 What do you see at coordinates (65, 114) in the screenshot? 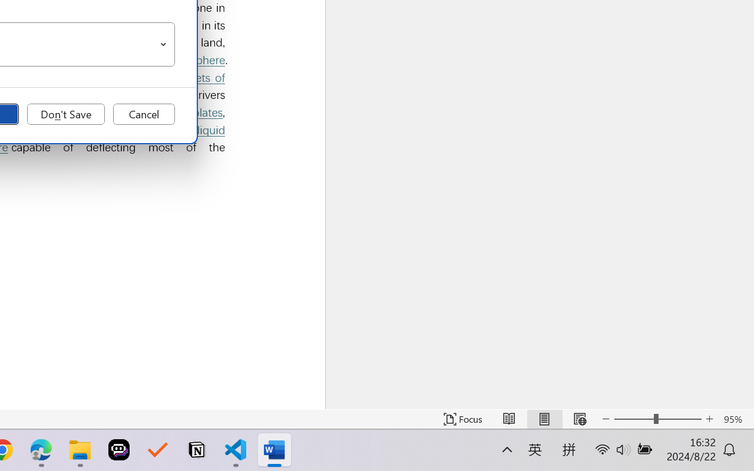
I see `'Don'` at bounding box center [65, 114].